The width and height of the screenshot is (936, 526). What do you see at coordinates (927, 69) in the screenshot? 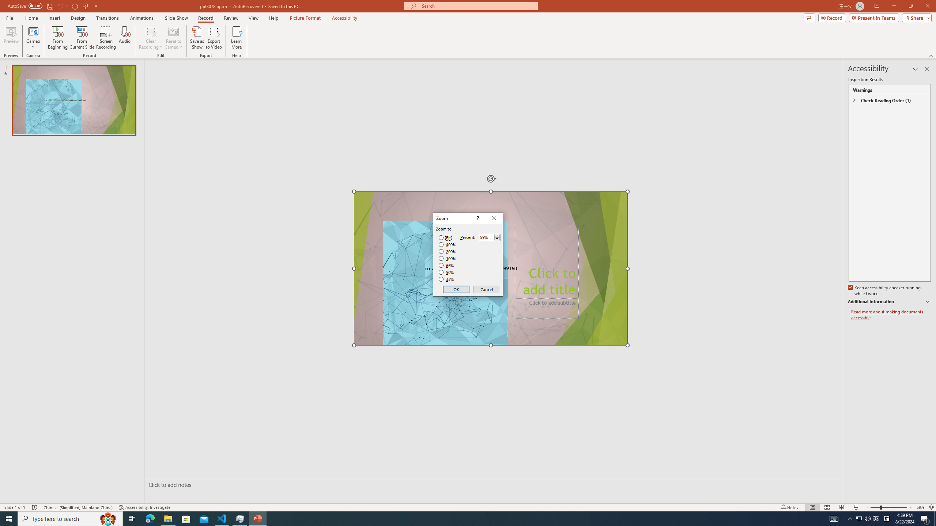
I see `'Close pane'` at bounding box center [927, 69].